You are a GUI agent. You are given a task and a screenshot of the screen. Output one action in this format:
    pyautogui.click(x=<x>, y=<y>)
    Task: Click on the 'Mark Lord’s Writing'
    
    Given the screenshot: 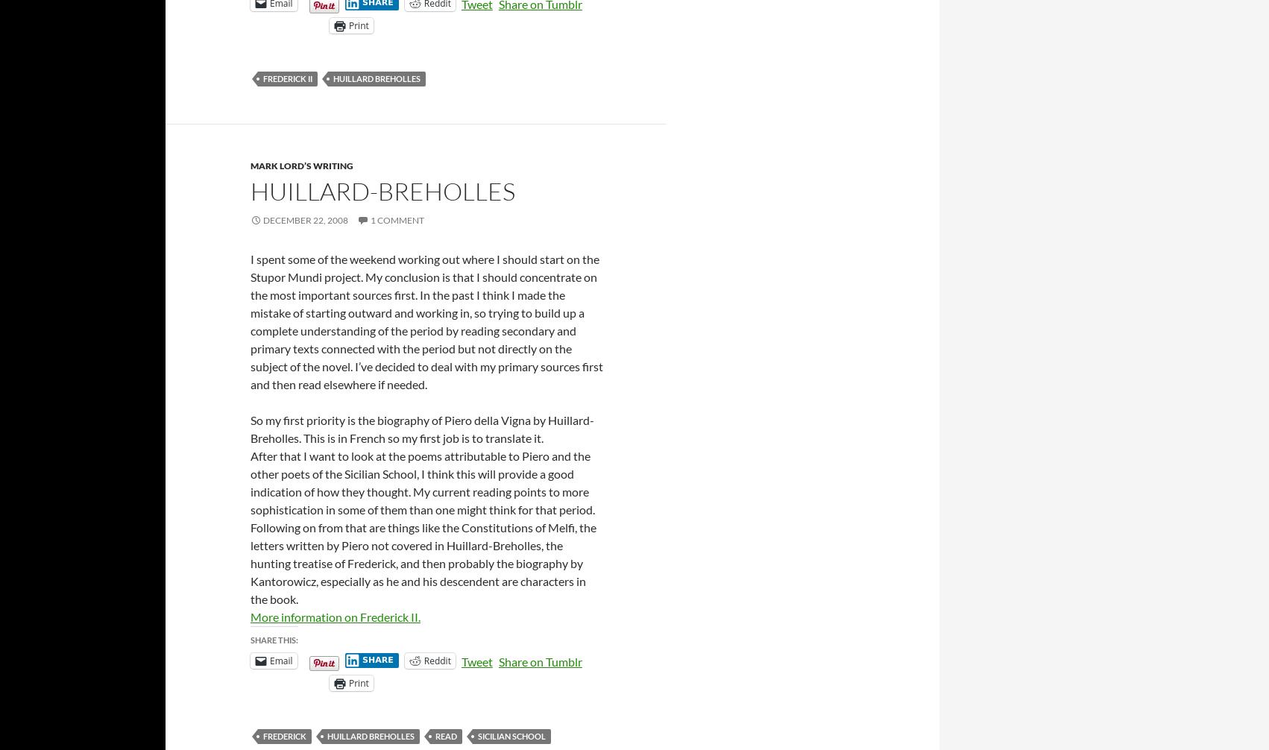 What is the action you would take?
    pyautogui.click(x=302, y=165)
    